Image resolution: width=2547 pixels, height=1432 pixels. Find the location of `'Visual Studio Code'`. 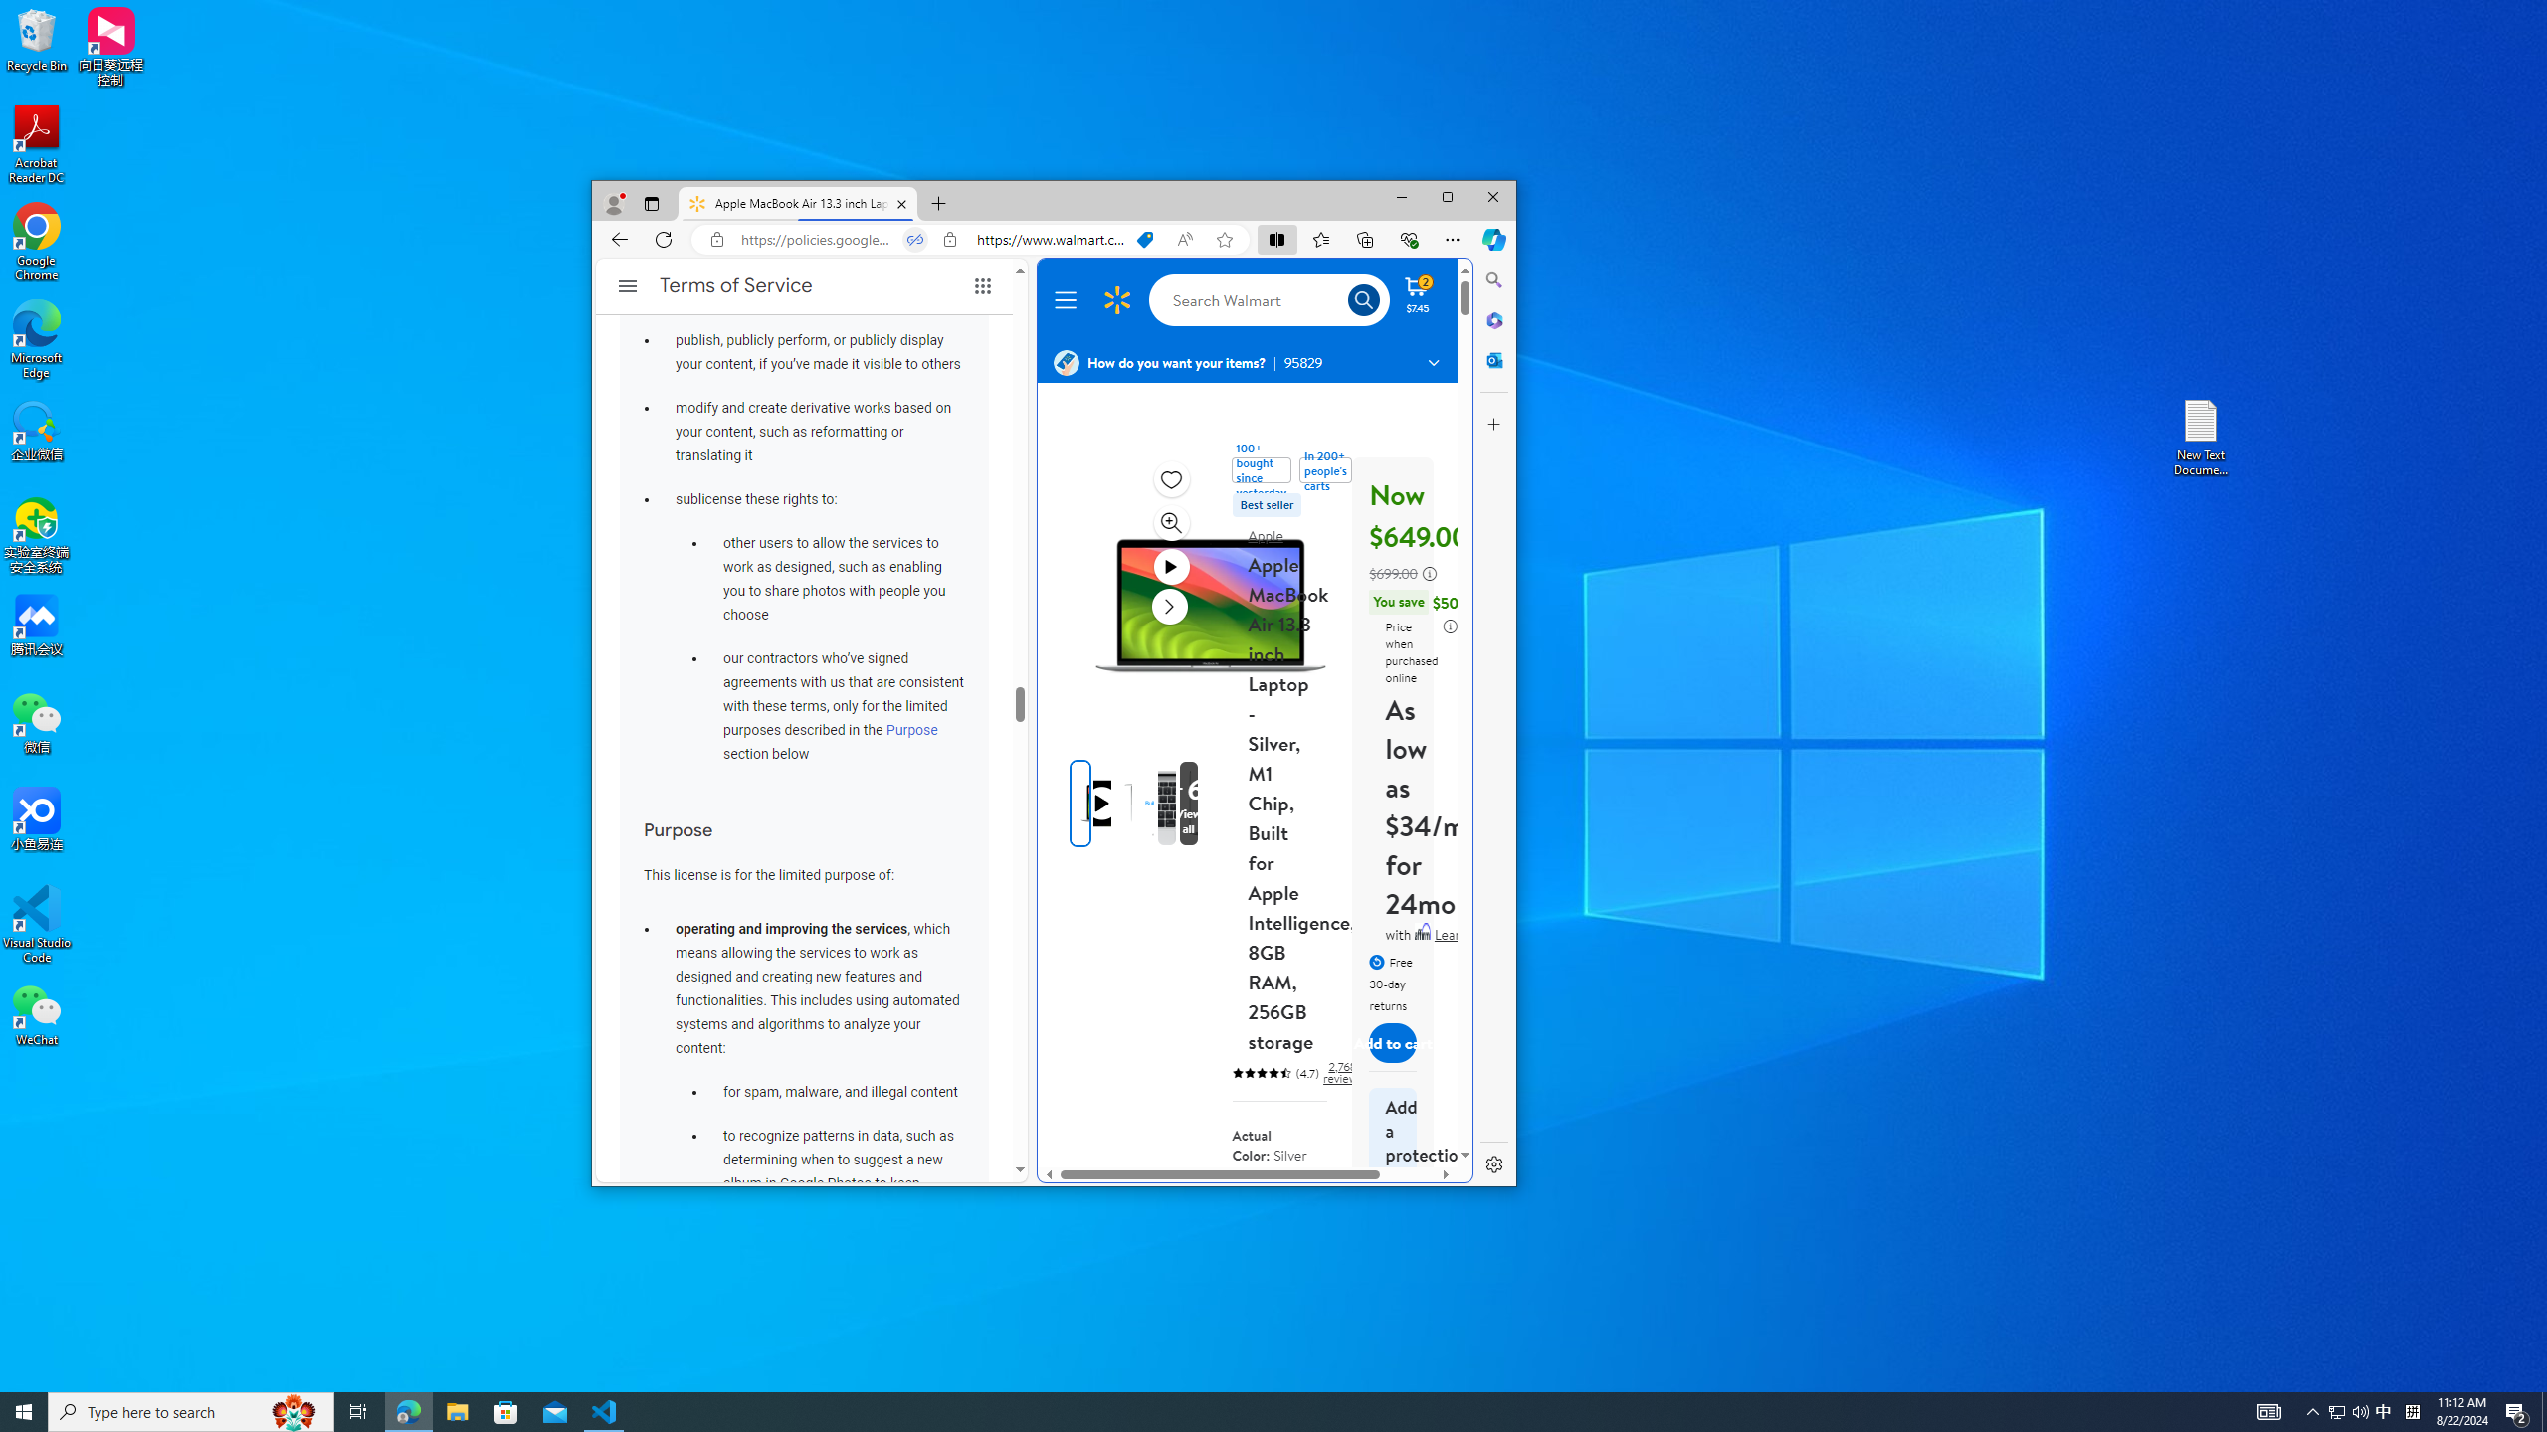

'Visual Studio Code' is located at coordinates (36, 923).